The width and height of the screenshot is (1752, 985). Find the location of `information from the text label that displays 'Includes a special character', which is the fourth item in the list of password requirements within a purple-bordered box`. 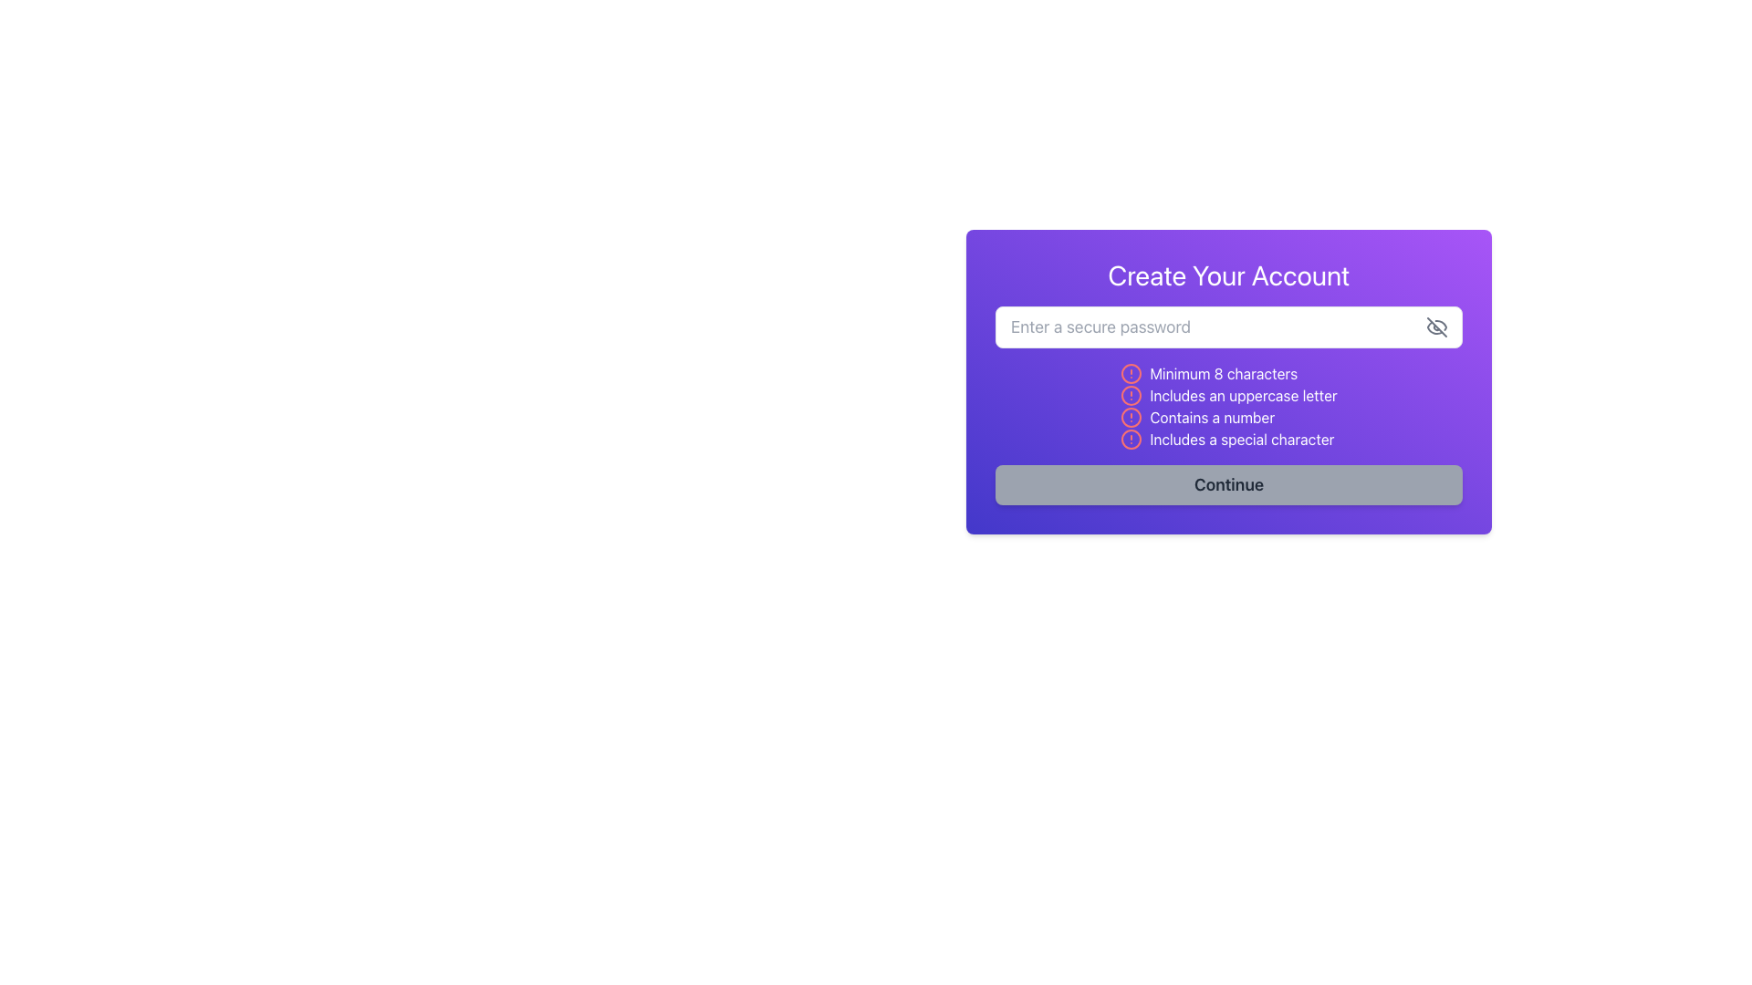

information from the text label that displays 'Includes a special character', which is the fourth item in the list of password requirements within a purple-bordered box is located at coordinates (1241, 440).